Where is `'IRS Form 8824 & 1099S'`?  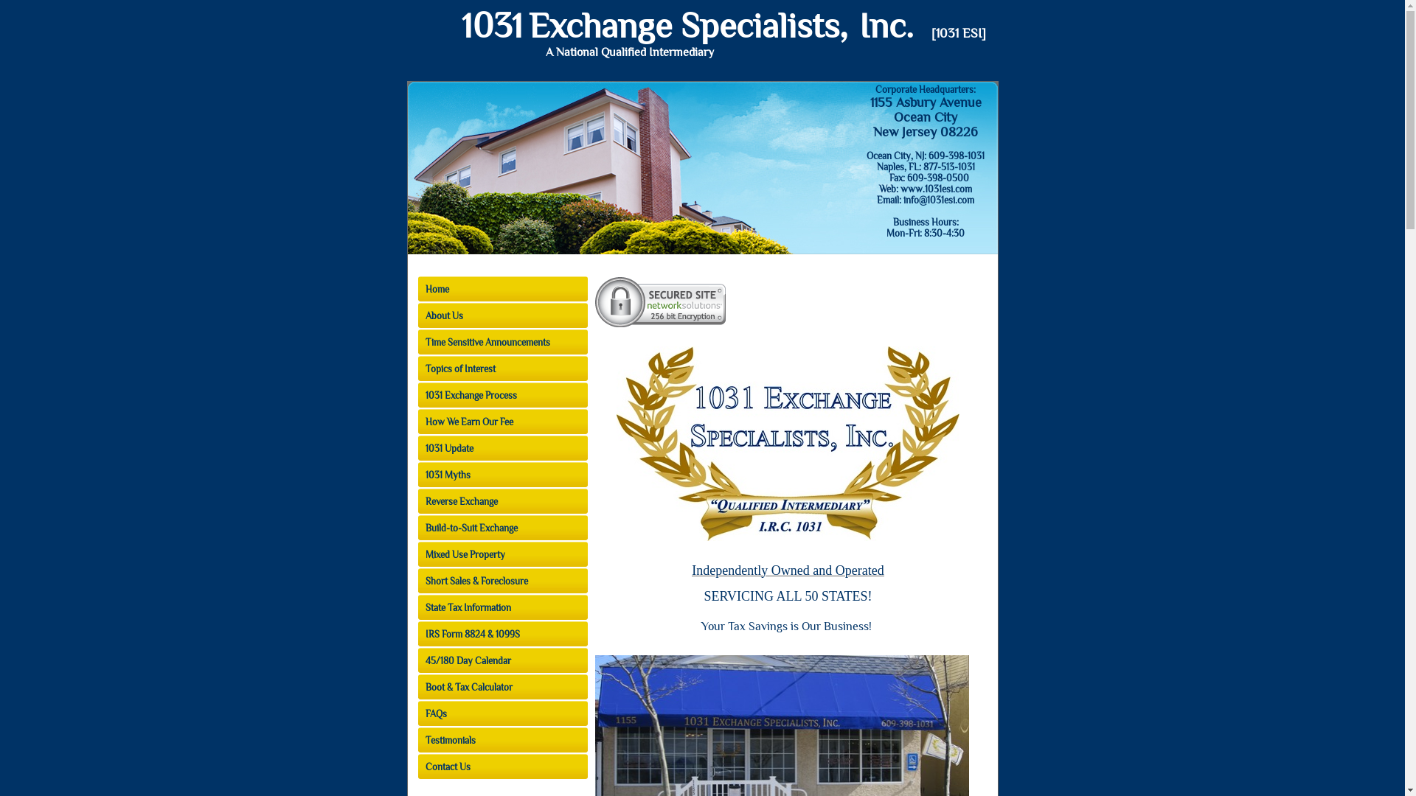 'IRS Form 8824 & 1099S' is located at coordinates (502, 633).